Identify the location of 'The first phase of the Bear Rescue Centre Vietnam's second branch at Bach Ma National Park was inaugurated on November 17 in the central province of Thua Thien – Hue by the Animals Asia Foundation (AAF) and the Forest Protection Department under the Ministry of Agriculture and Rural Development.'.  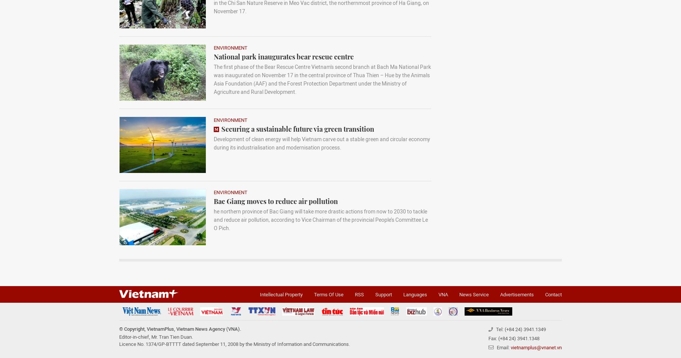
(322, 79).